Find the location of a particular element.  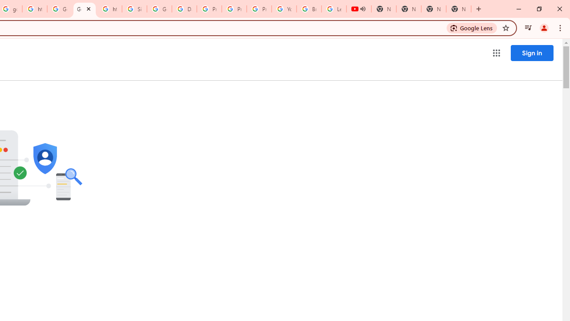

'Search with Google Lens' is located at coordinates (471, 27).